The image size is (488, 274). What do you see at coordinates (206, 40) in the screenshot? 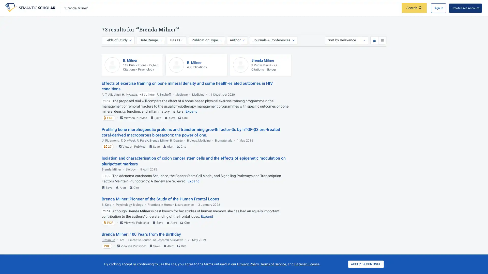
I see `Publication Type` at bounding box center [206, 40].